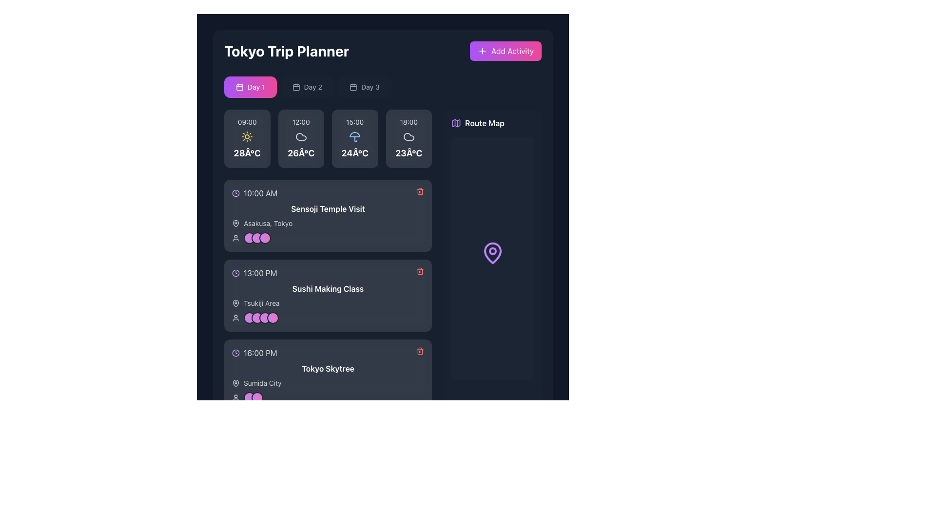  I want to click on the trash bin icon button, which is styled in red and located on the far right of the row displaying '10:00 AM', to observe its visual feedback, so click(420, 191).